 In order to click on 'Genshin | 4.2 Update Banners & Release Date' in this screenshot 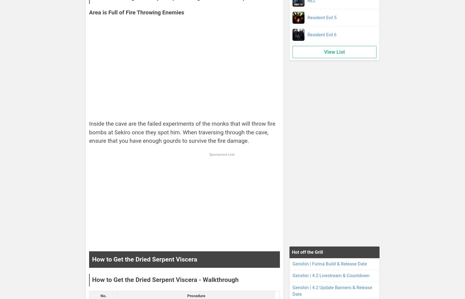, I will do `click(332, 290)`.